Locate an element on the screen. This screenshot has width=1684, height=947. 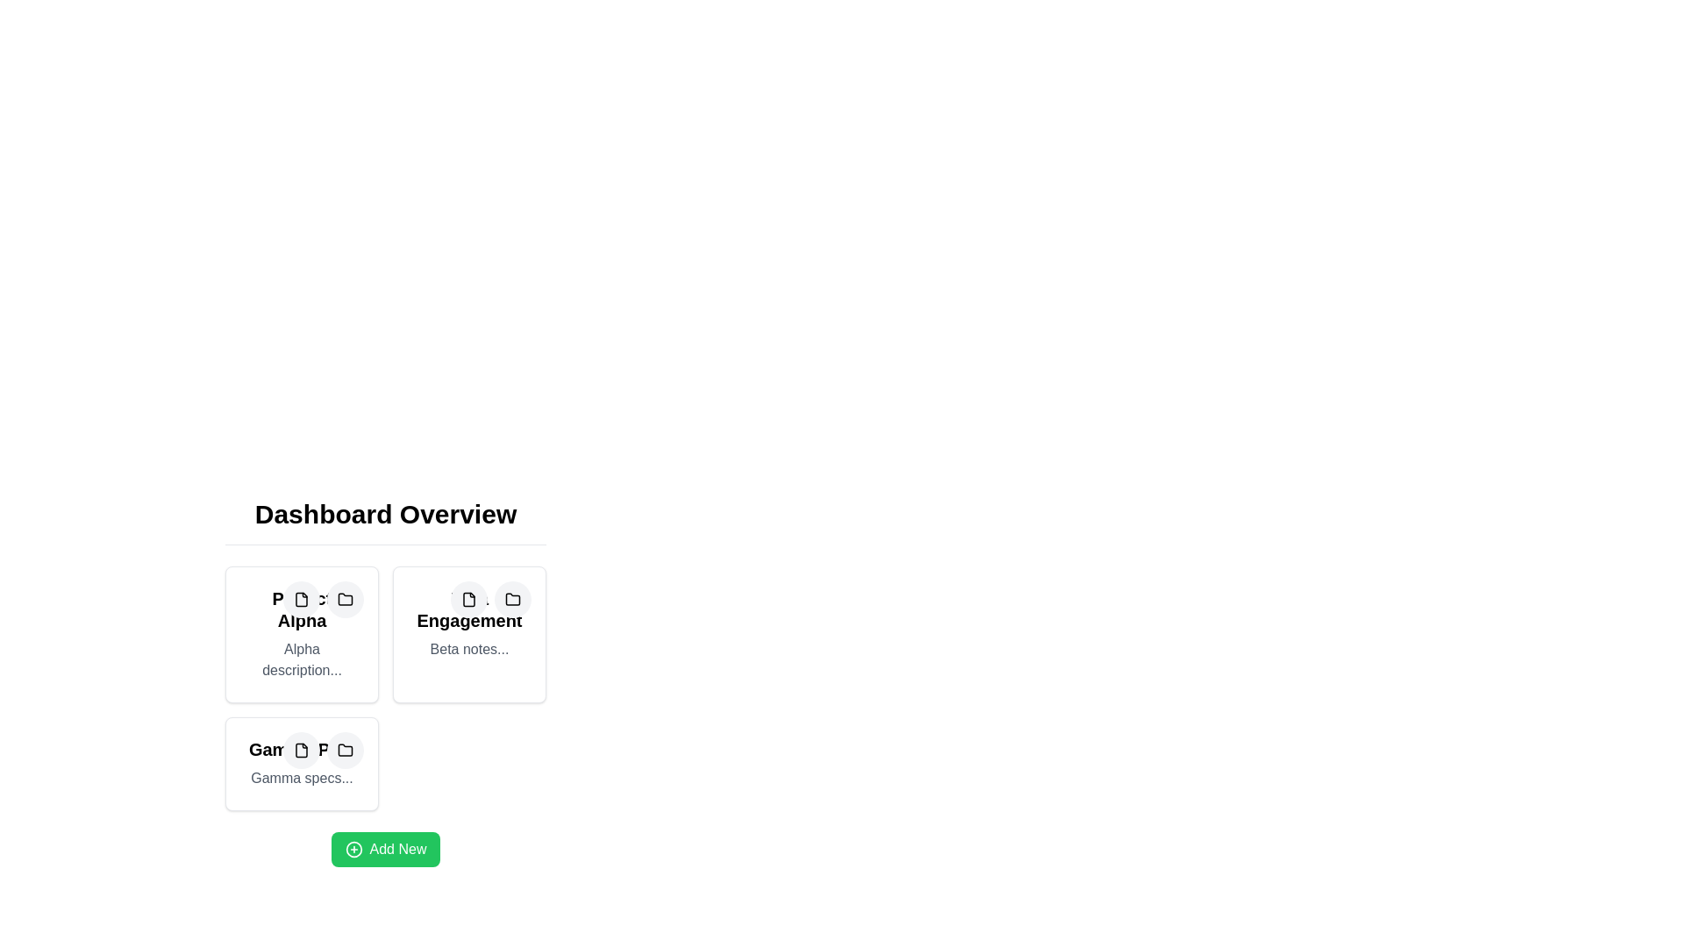
the compact SVG document icon located in the top-left corner of the 'Alpha' section under 'Dashboard Overview' is located at coordinates (302, 598).